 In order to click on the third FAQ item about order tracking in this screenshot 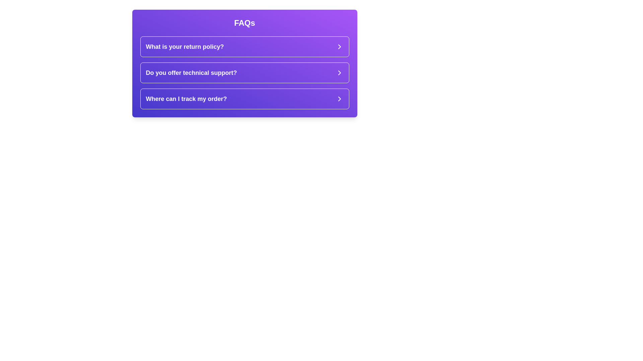, I will do `click(244, 99)`.